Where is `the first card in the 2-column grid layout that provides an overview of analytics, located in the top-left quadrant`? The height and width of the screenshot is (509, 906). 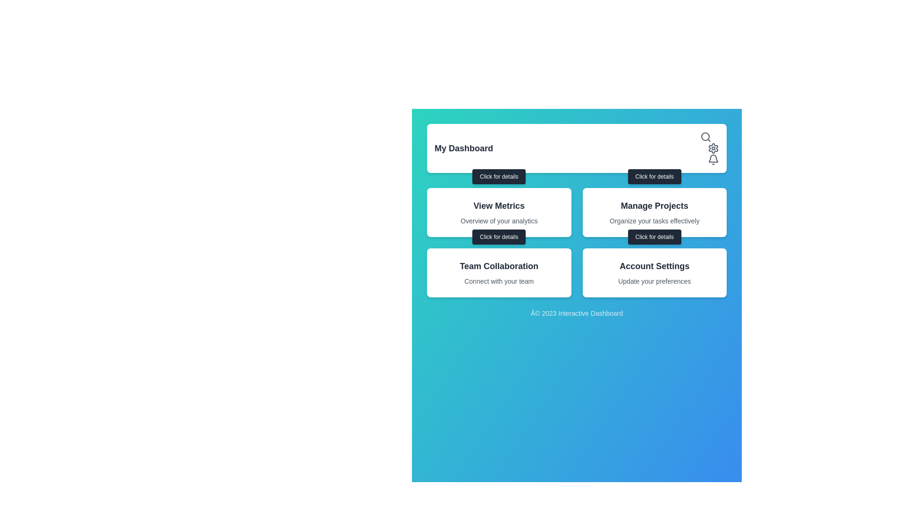 the first card in the 2-column grid layout that provides an overview of analytics, located in the top-left quadrant is located at coordinates (498, 213).